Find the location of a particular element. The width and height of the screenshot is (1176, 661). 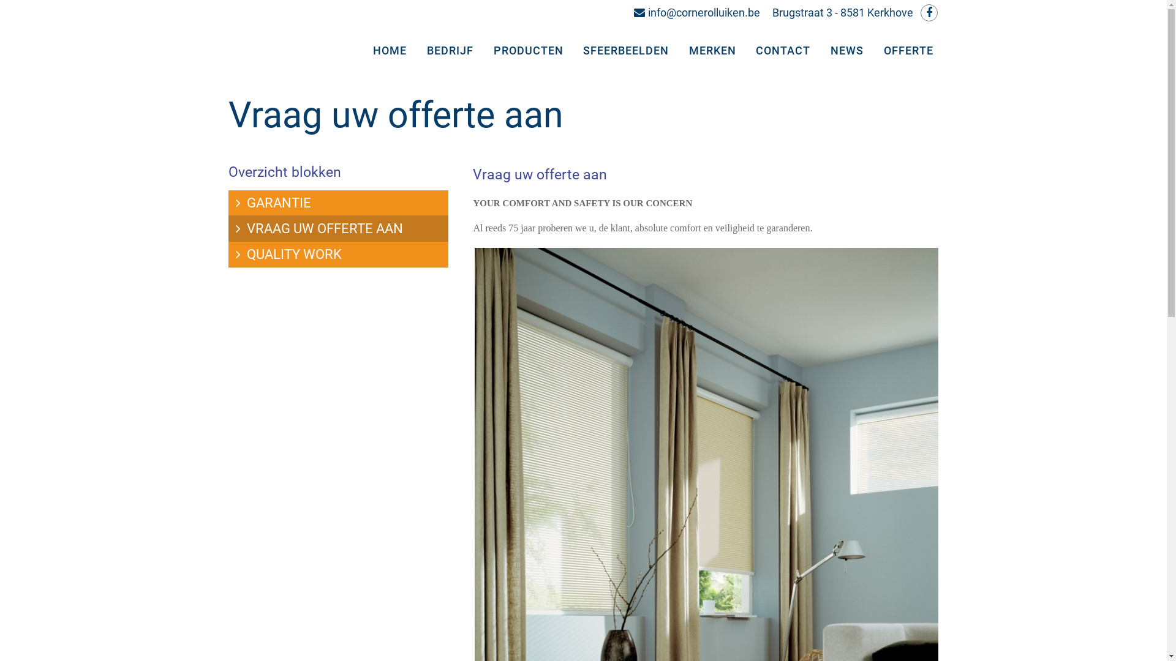

'MERKEN' is located at coordinates (714, 50).